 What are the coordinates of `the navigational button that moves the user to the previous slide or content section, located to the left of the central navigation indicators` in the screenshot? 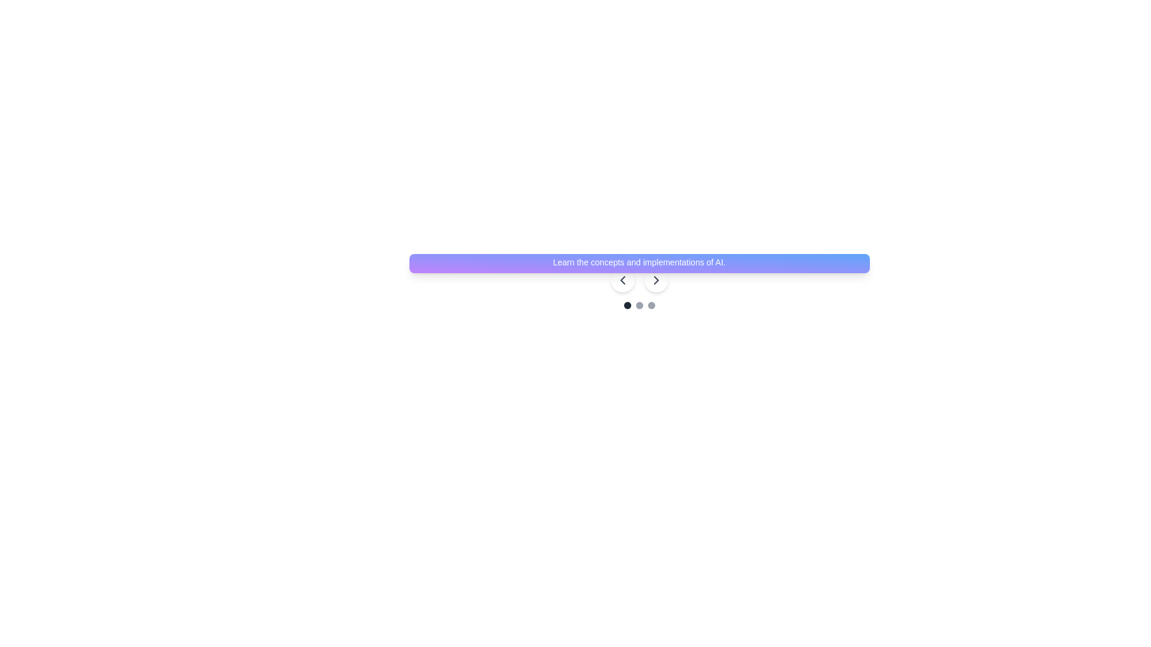 It's located at (622, 280).